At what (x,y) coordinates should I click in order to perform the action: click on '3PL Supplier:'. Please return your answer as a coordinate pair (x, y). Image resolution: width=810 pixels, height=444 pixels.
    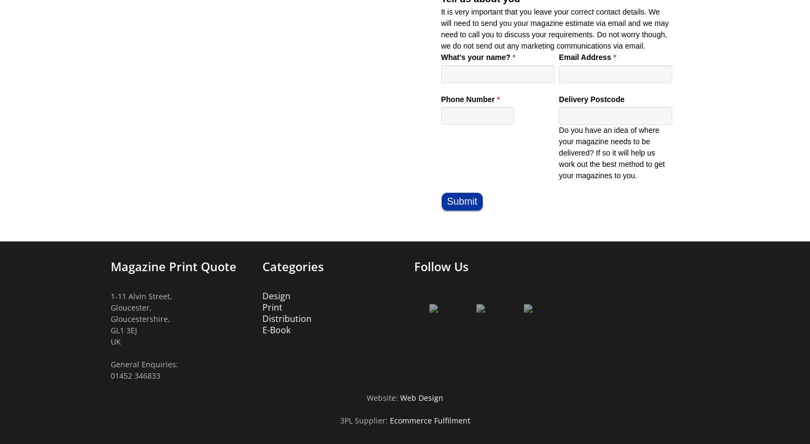
    Looking at the image, I should click on (364, 420).